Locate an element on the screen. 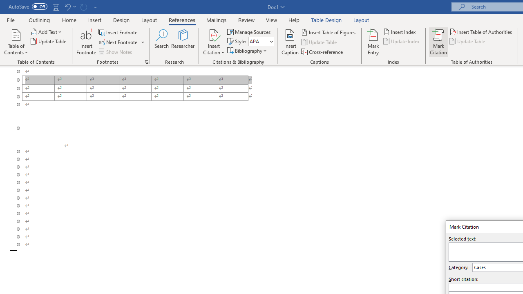  'Update Index' is located at coordinates (402, 41).